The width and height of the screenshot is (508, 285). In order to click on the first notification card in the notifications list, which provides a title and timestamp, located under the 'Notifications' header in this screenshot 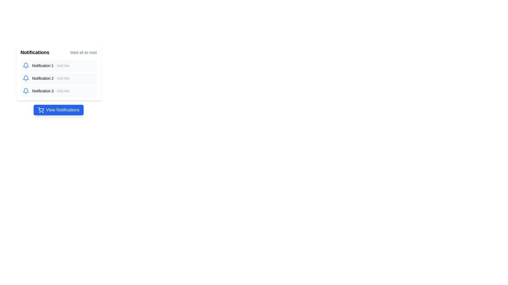, I will do `click(58, 65)`.